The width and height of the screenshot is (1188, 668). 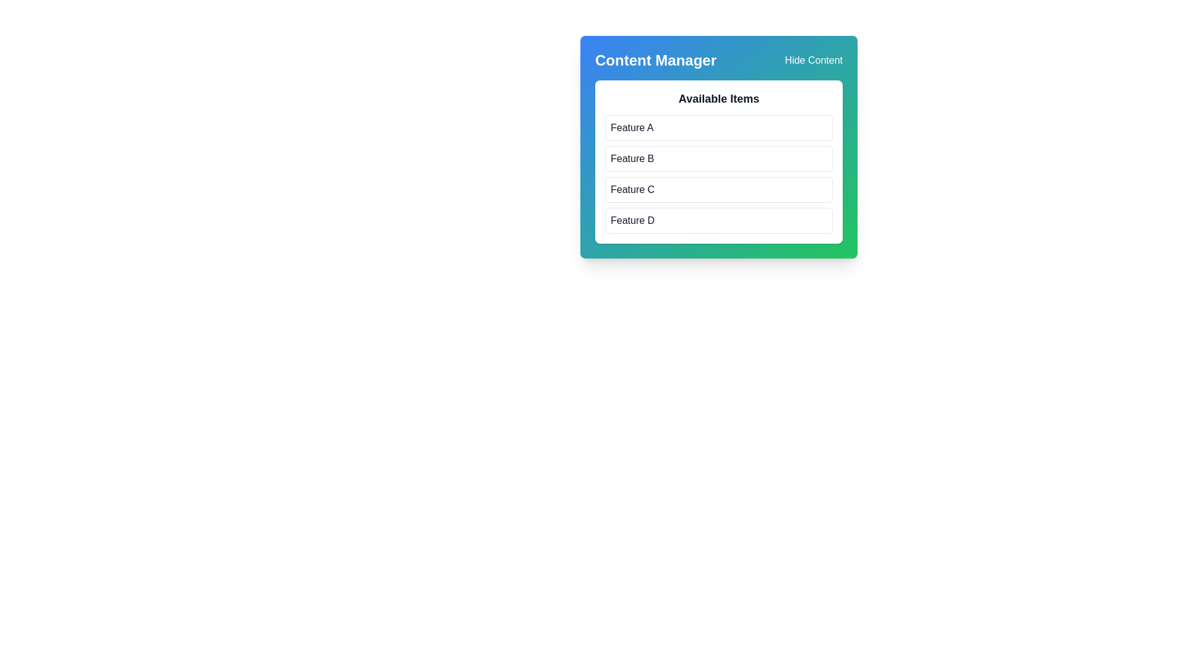 I want to click on the list item labeled 'Feature D' which is the fourth item in the 'Available Items' section of the 'Content Manager' panel, so click(x=718, y=220).